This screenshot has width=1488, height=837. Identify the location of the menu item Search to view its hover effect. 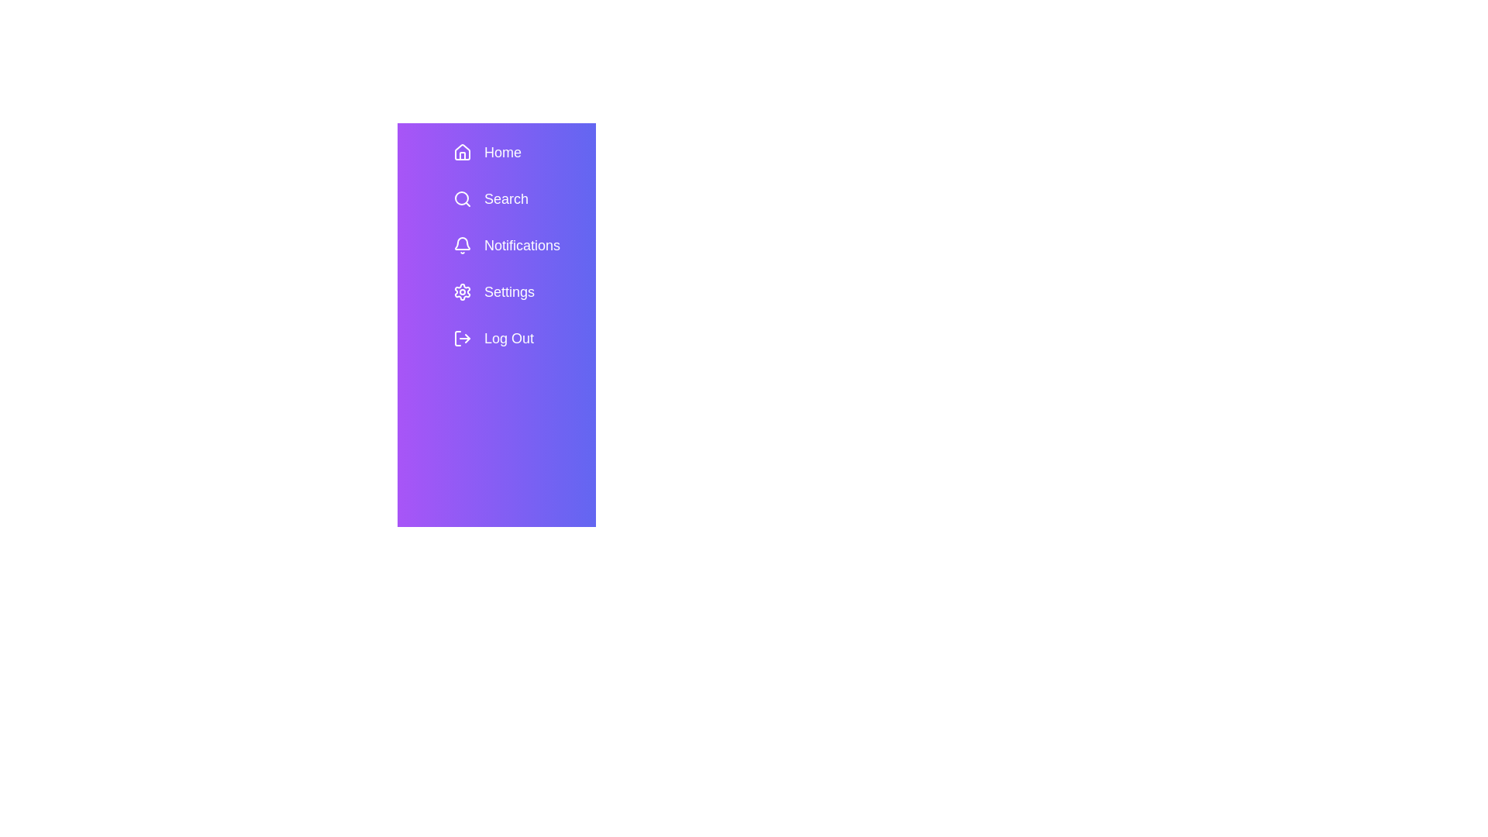
(518, 198).